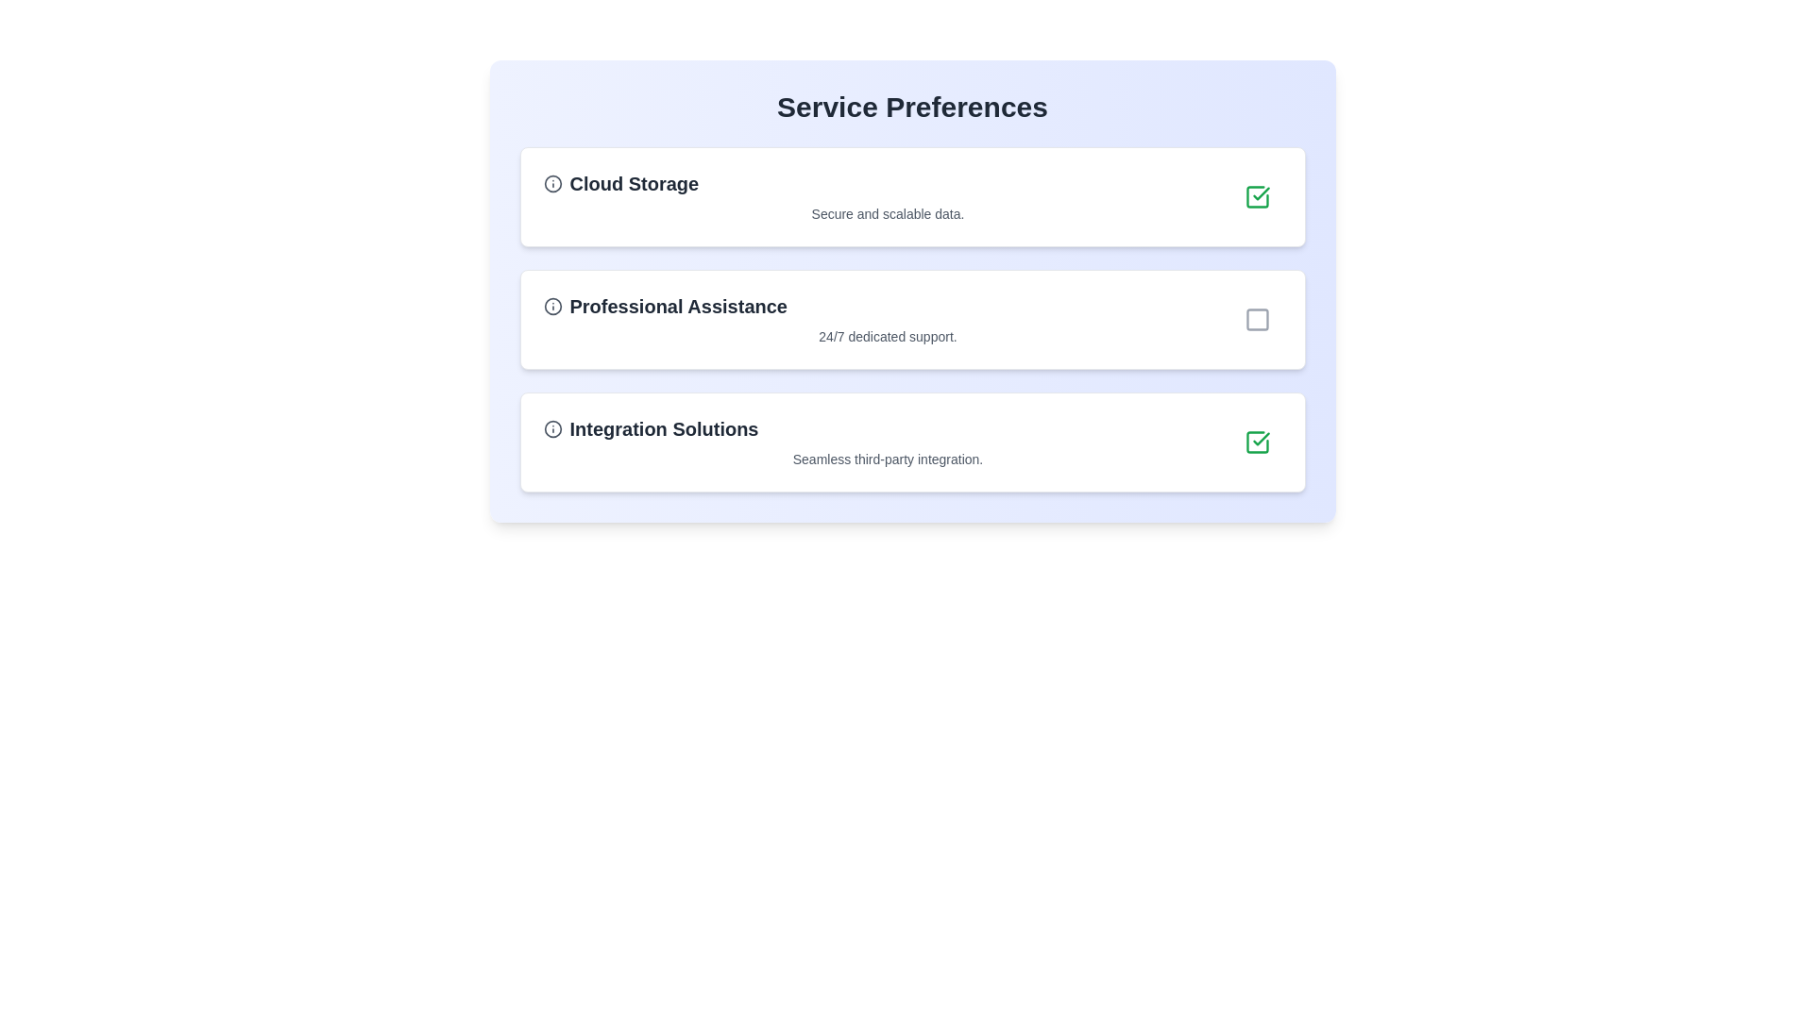 The image size is (1813, 1019). What do you see at coordinates (887, 196) in the screenshot?
I see `the 'Cloud Storage' service selection card located in the 'Service Preferences' section, which is the first card from the top and features a green checkmark indicating its selected status` at bounding box center [887, 196].